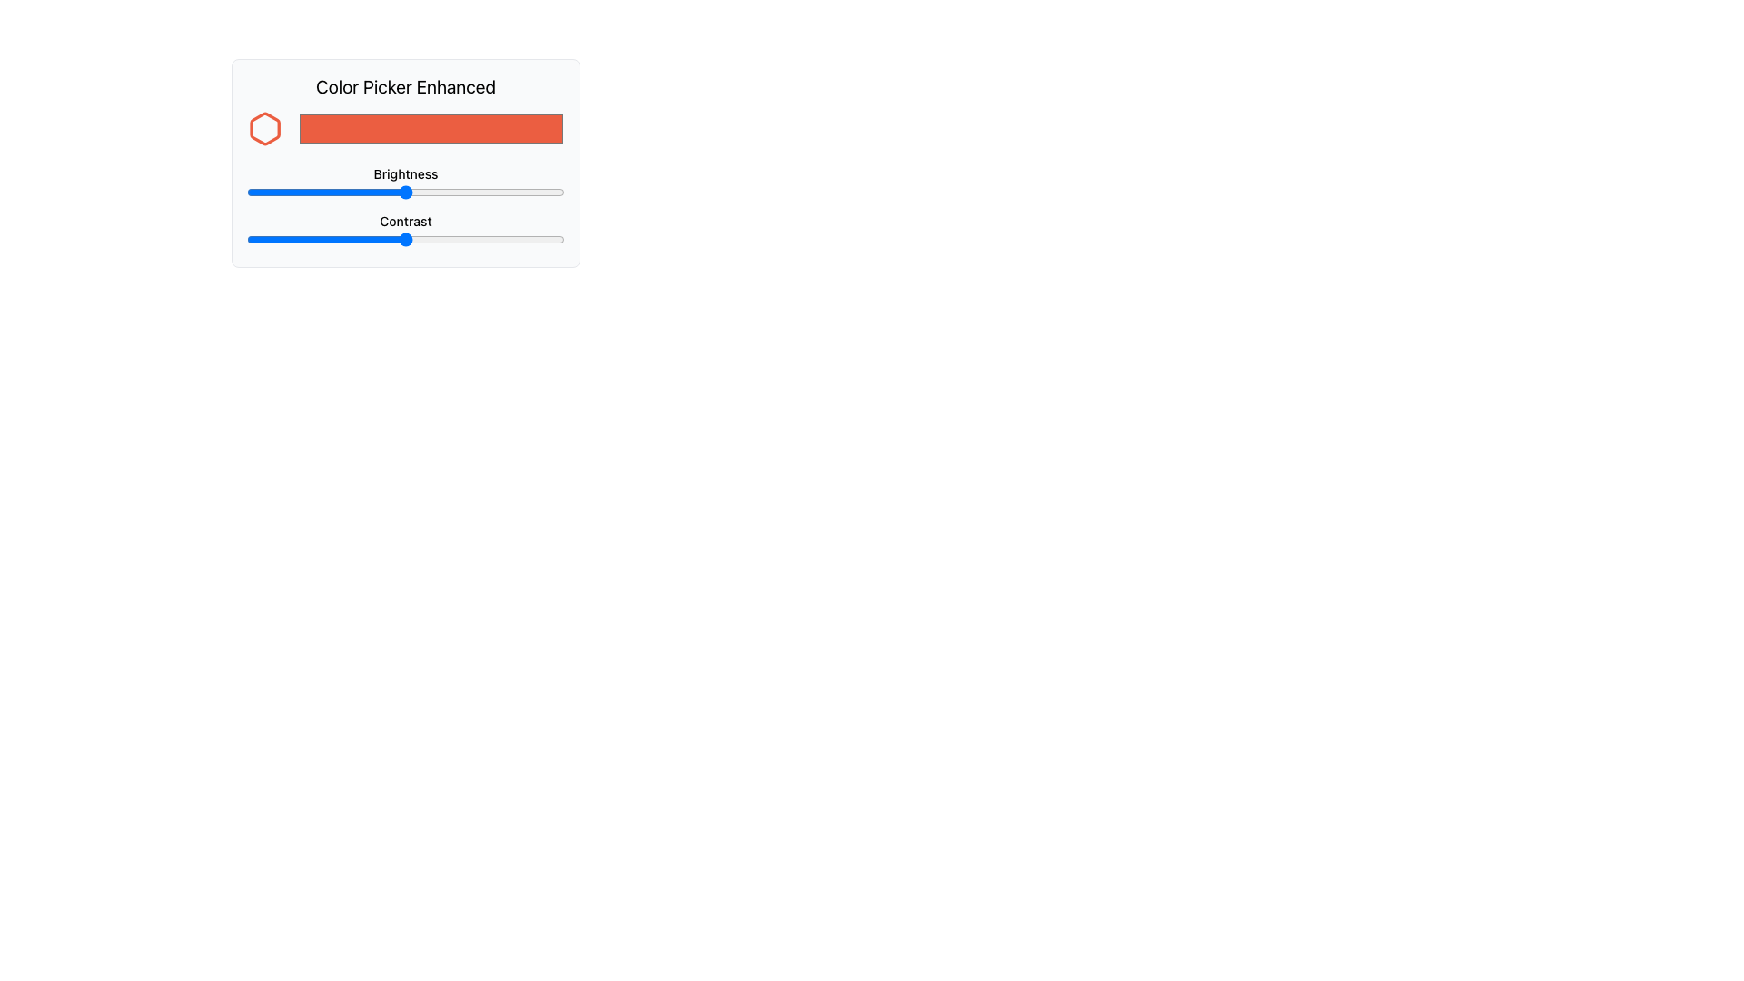 The height and width of the screenshot is (981, 1744). What do you see at coordinates (531, 193) in the screenshot?
I see `brightness` at bounding box center [531, 193].